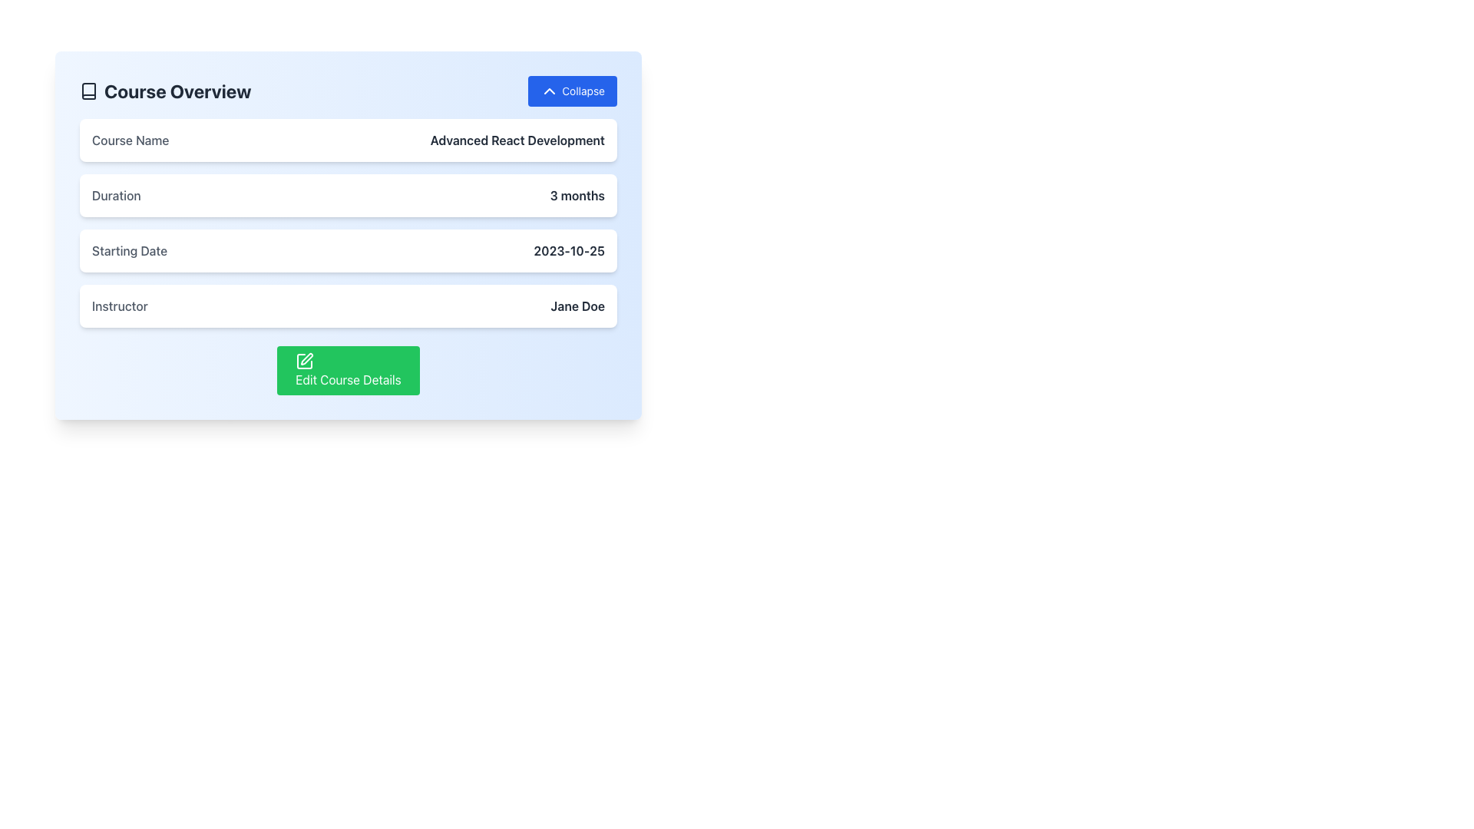 Image resolution: width=1474 pixels, height=829 pixels. I want to click on the static information display component that shows the instructor's name 'Jane Doe' and the title 'Instructor', located under the 'Starting Date' row, so click(348, 306).